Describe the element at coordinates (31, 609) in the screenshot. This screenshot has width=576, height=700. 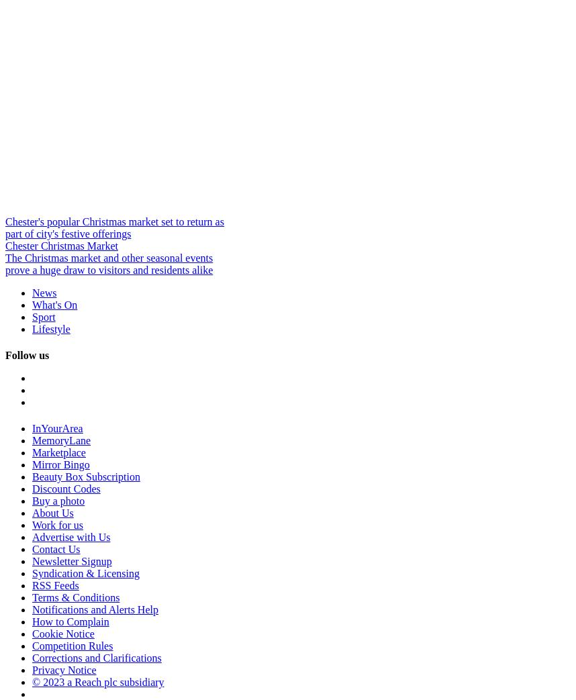
I see `'Notifications and Alerts Help'` at that location.